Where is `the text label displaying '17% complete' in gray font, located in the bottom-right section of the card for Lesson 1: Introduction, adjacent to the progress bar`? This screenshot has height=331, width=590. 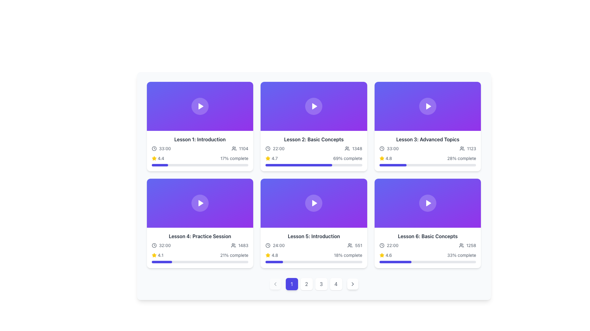
the text label displaying '17% complete' in gray font, located in the bottom-right section of the card for Lesson 1: Introduction, adjacent to the progress bar is located at coordinates (234, 158).